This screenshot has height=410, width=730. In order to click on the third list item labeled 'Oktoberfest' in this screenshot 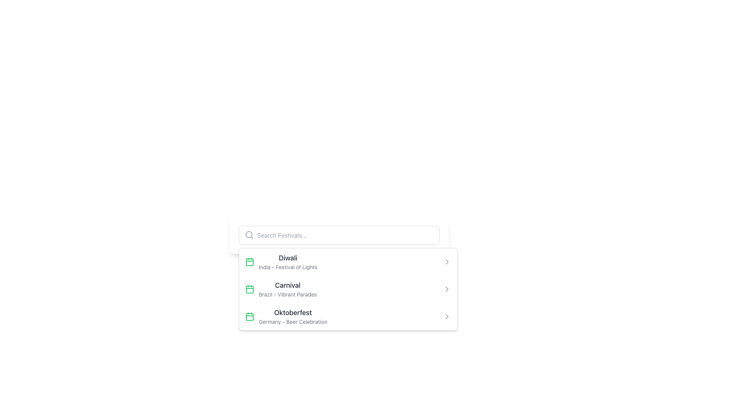, I will do `click(286, 316)`.